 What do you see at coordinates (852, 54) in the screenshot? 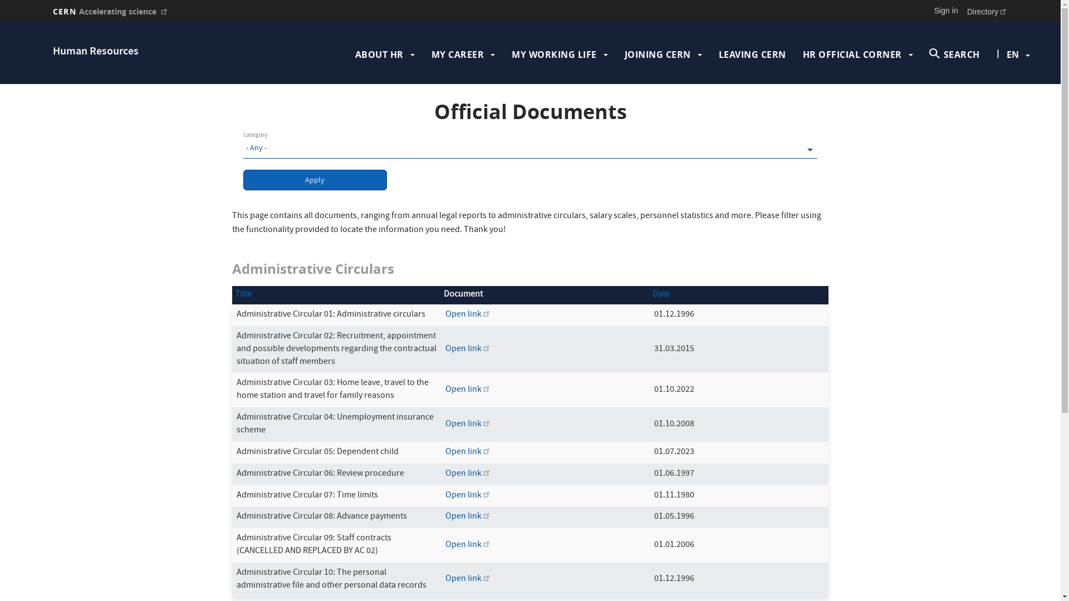
I see `'HR OFFICIAL CORNER'` at bounding box center [852, 54].